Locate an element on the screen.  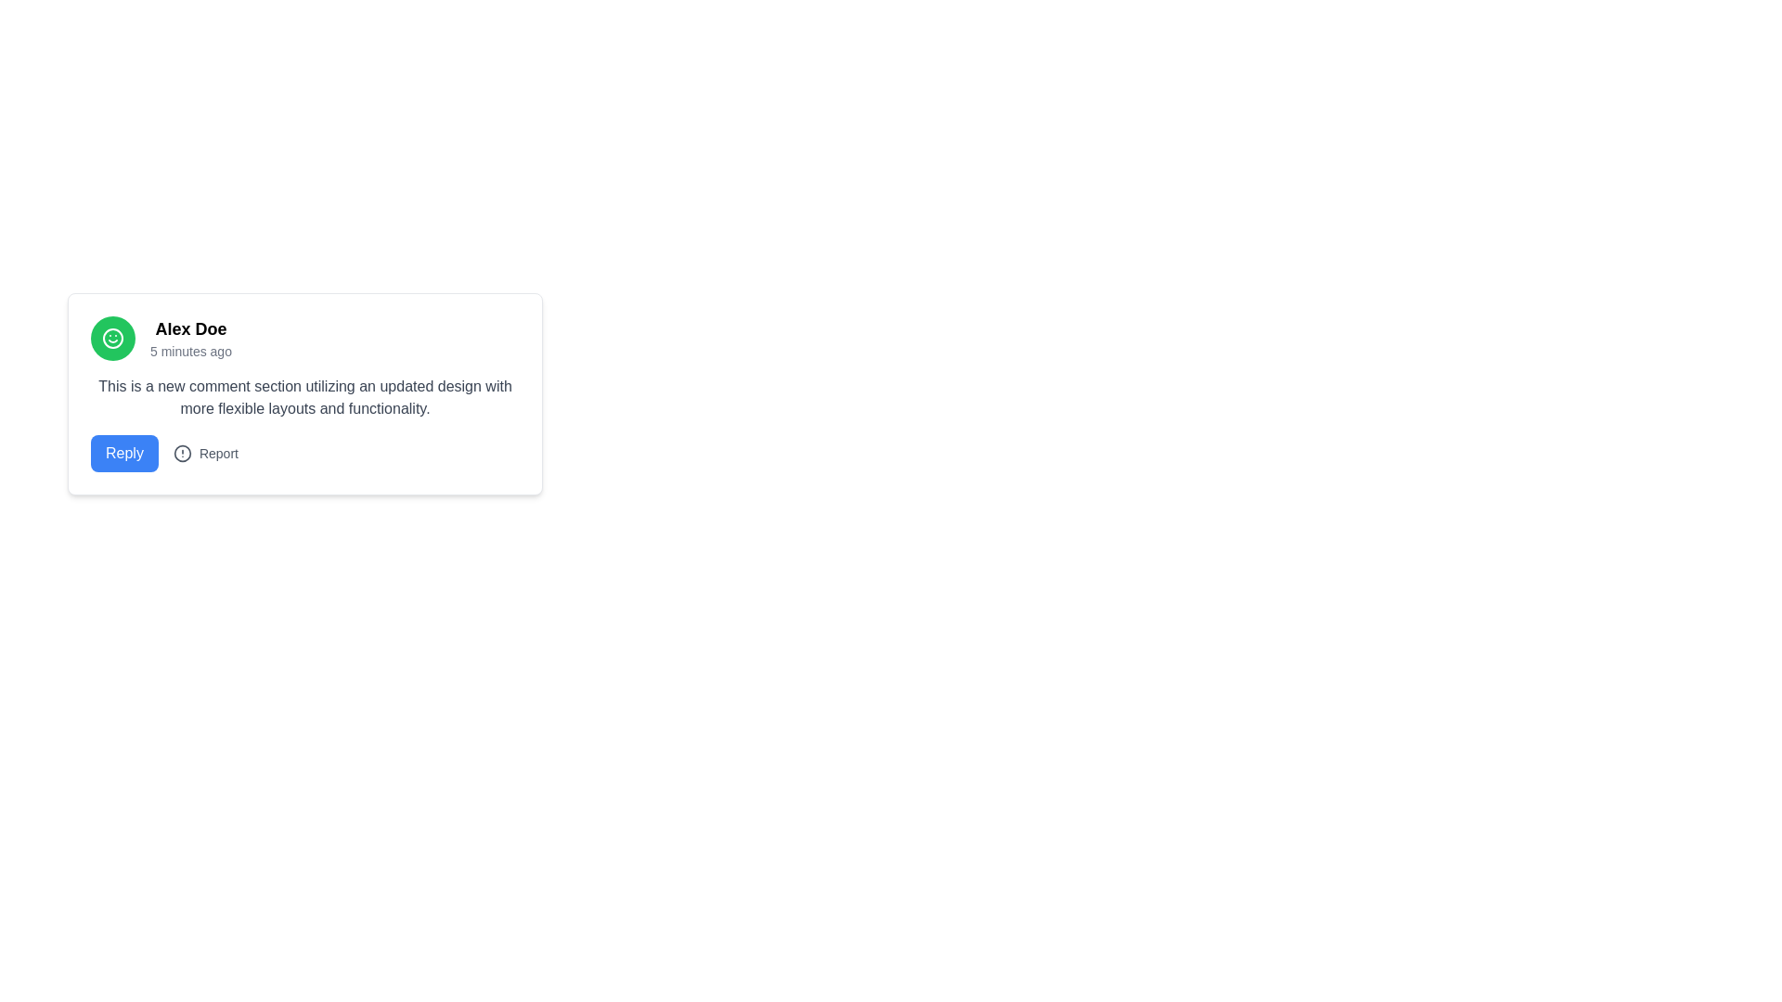
the green circular avatar icon with a cheerful facial expression situated to the left of the name 'Alex Doe' in the comment card interface is located at coordinates (111, 339).